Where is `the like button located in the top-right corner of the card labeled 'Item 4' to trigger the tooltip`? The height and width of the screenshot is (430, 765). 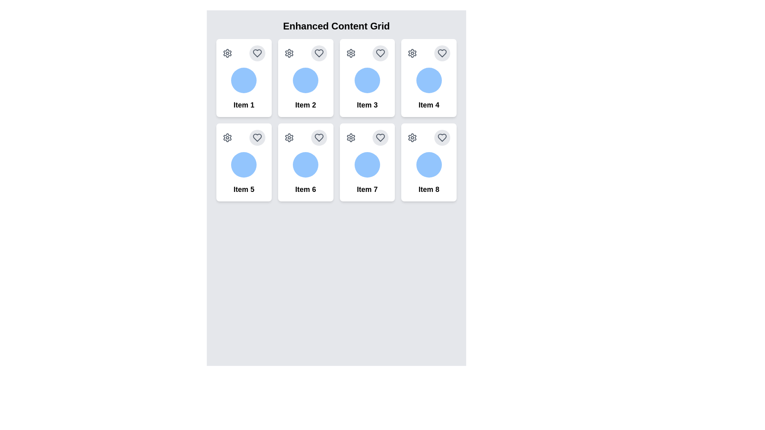 the like button located in the top-right corner of the card labeled 'Item 4' to trigger the tooltip is located at coordinates (441, 53).